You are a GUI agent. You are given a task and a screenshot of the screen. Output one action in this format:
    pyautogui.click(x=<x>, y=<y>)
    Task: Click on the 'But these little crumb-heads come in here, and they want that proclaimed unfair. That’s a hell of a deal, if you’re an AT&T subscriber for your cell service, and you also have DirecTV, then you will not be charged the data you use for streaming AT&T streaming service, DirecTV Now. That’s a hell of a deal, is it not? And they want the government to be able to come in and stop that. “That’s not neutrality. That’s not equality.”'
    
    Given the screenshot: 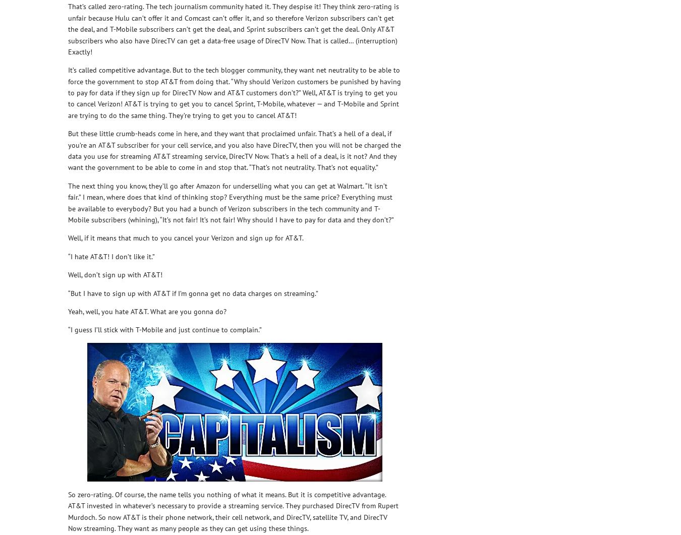 What is the action you would take?
    pyautogui.click(x=234, y=150)
    